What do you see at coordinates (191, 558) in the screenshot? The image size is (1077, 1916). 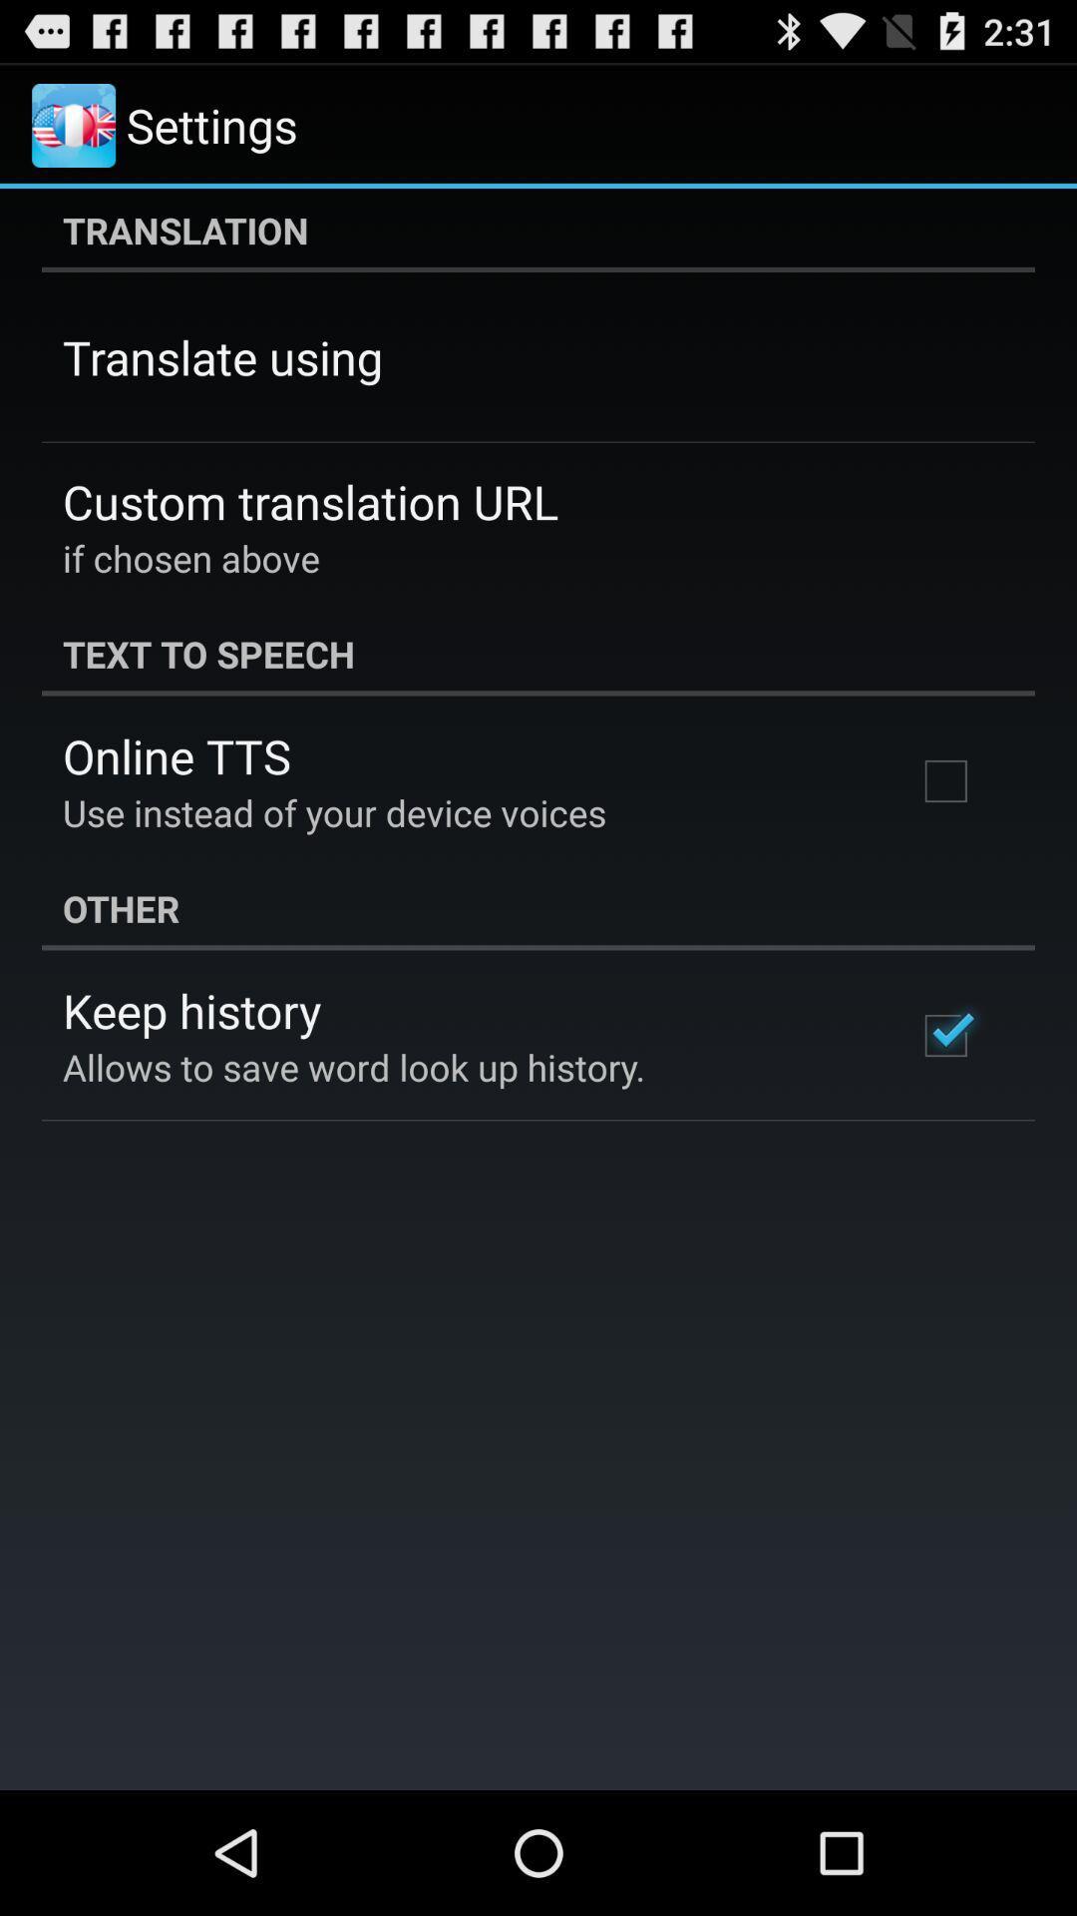 I see `the icon above the text to speech icon` at bounding box center [191, 558].